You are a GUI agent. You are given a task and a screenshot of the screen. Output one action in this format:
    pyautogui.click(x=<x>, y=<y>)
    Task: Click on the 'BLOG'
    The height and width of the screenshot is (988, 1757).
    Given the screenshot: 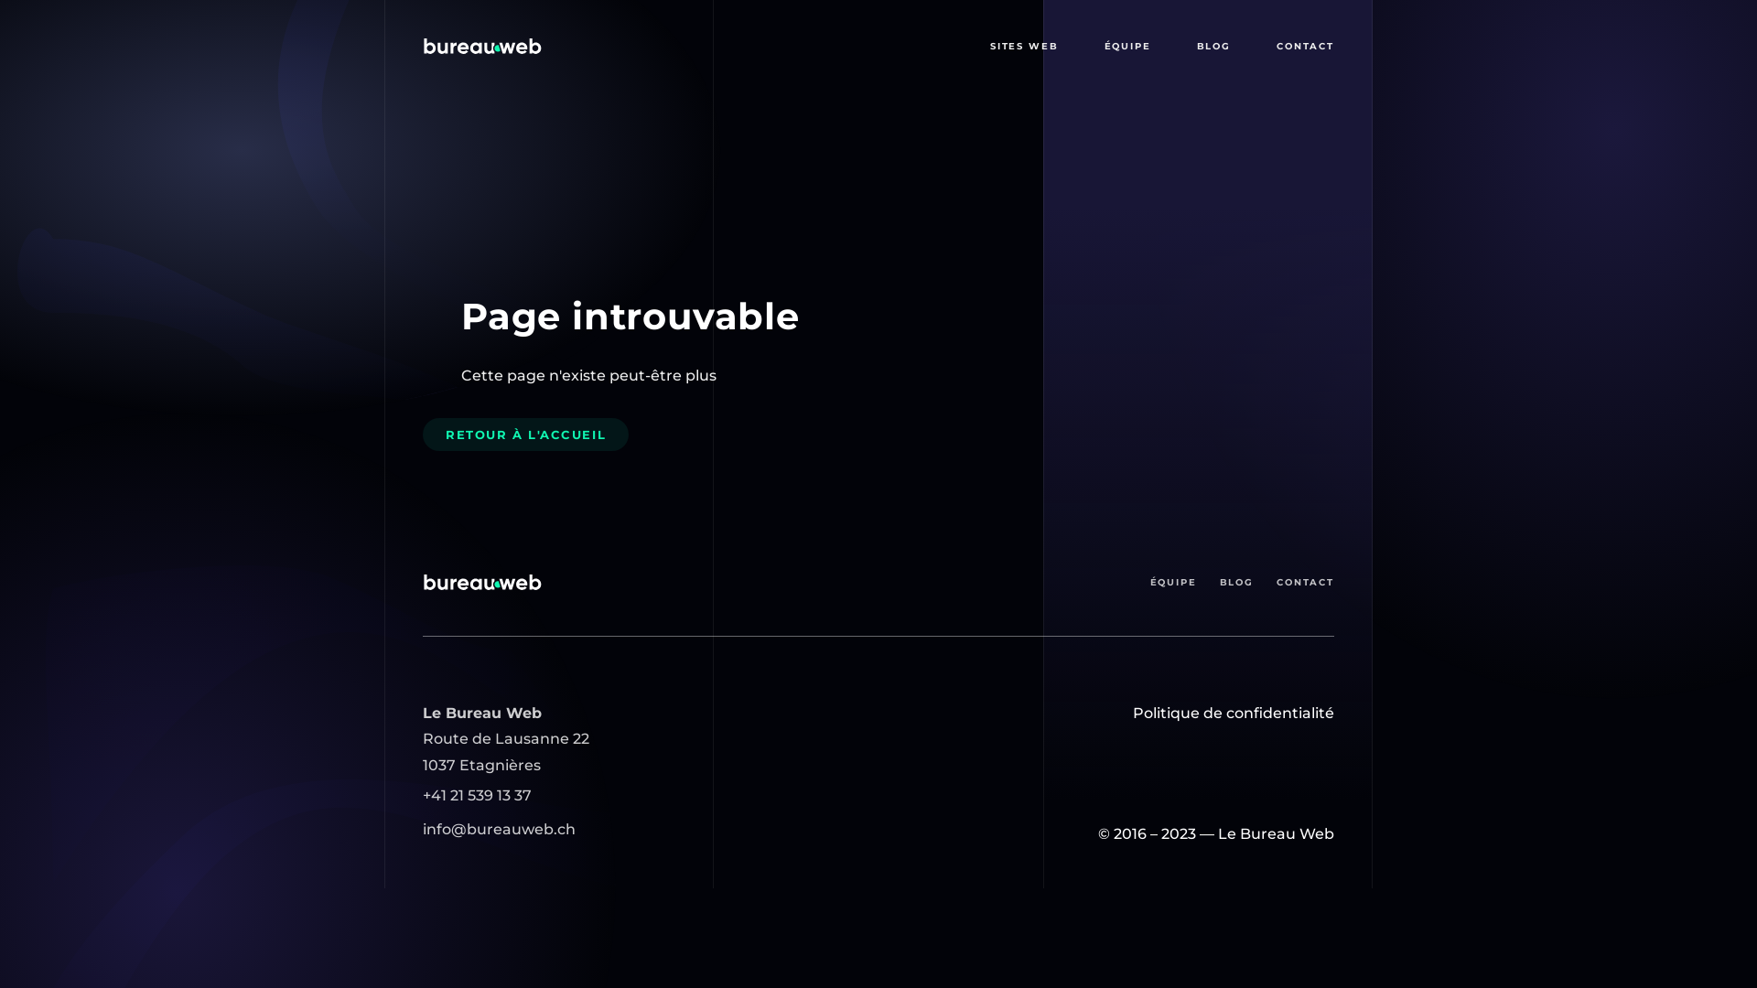 What is the action you would take?
    pyautogui.click(x=1197, y=45)
    